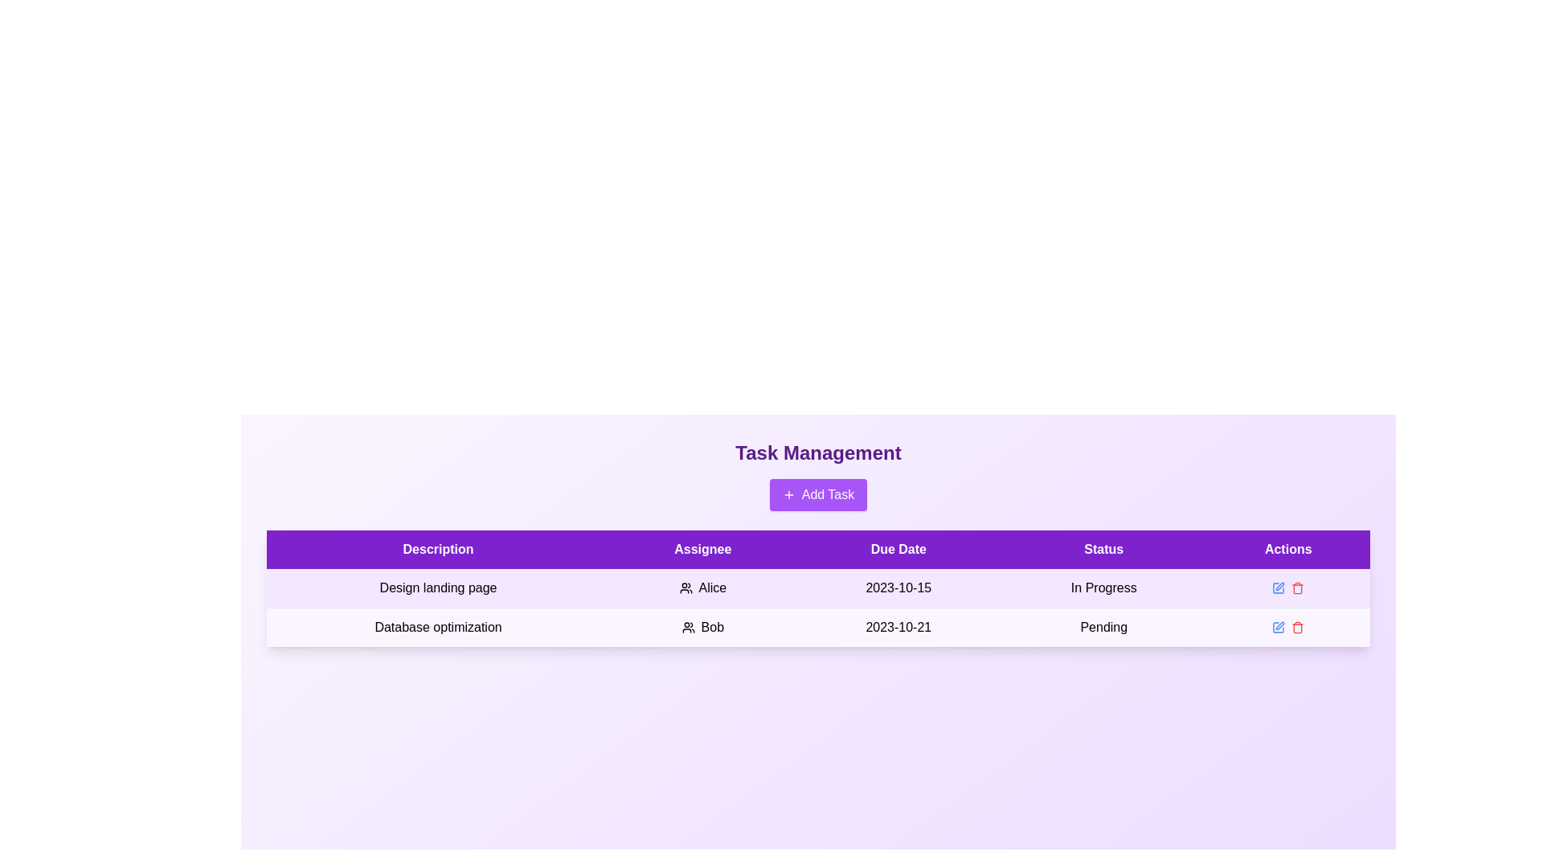 Image resolution: width=1543 pixels, height=868 pixels. Describe the element at coordinates (702, 588) in the screenshot. I see `the assignee of the task` at that location.